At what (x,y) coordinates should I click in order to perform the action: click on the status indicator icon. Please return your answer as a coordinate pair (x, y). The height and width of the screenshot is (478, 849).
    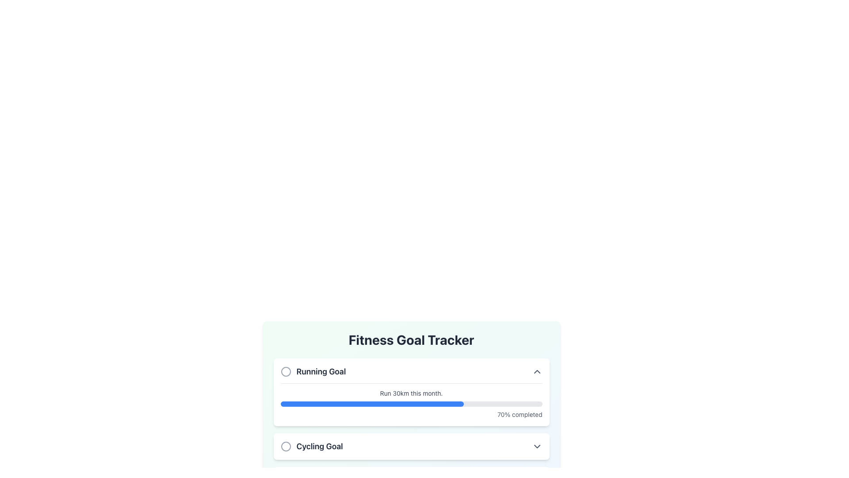
    Looking at the image, I should click on (286, 372).